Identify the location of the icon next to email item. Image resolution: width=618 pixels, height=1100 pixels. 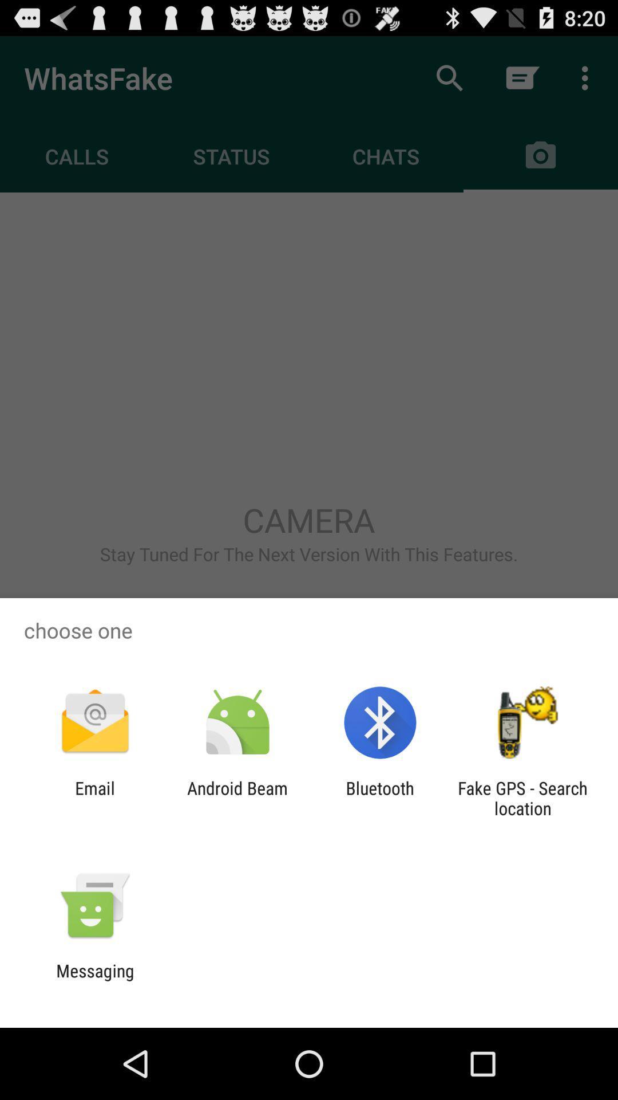
(237, 797).